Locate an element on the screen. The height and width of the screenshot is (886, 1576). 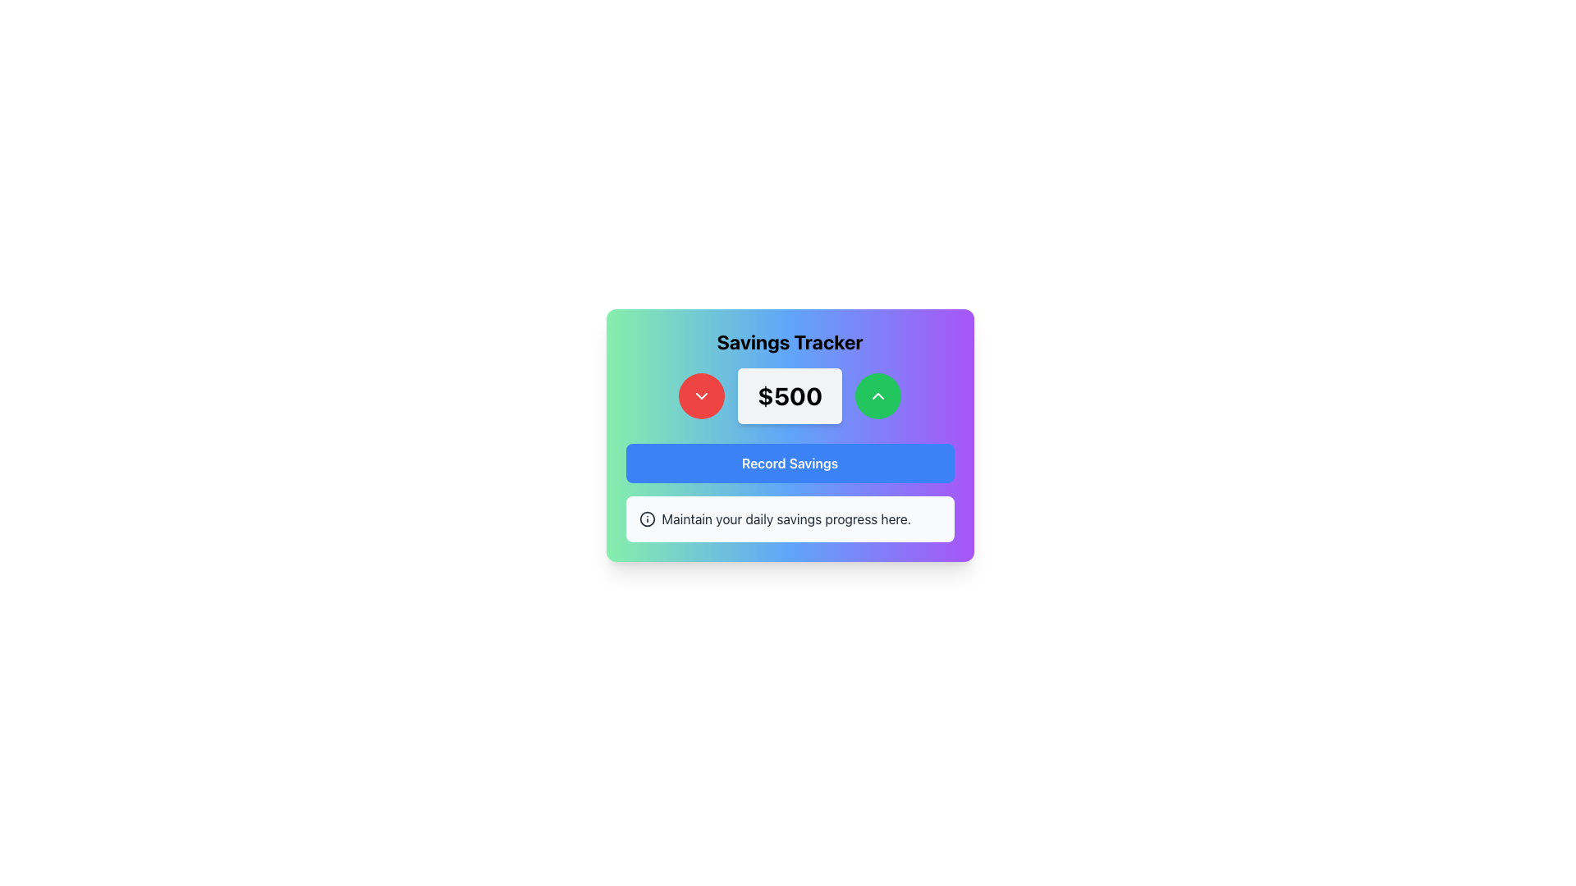
the large monetary value display of '$500' which is centrally located within the 'Savings Tracker' card, styled with a light gray background and rounded edges is located at coordinates (790, 395).